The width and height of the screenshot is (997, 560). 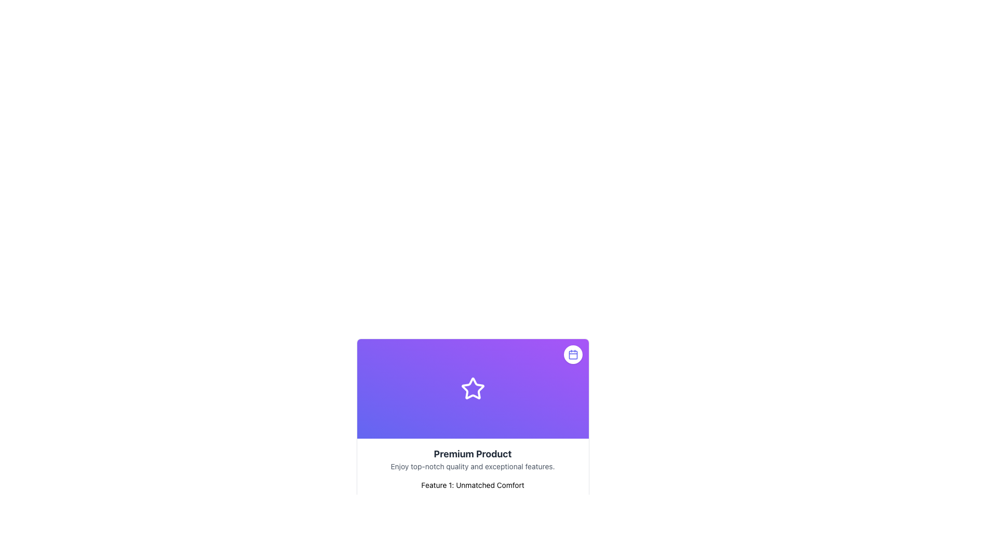 I want to click on the decorative shape within the calendar icon located at the top-right corner of the purple gradient background card, which enhances the visual representation of the icon, so click(x=572, y=354).